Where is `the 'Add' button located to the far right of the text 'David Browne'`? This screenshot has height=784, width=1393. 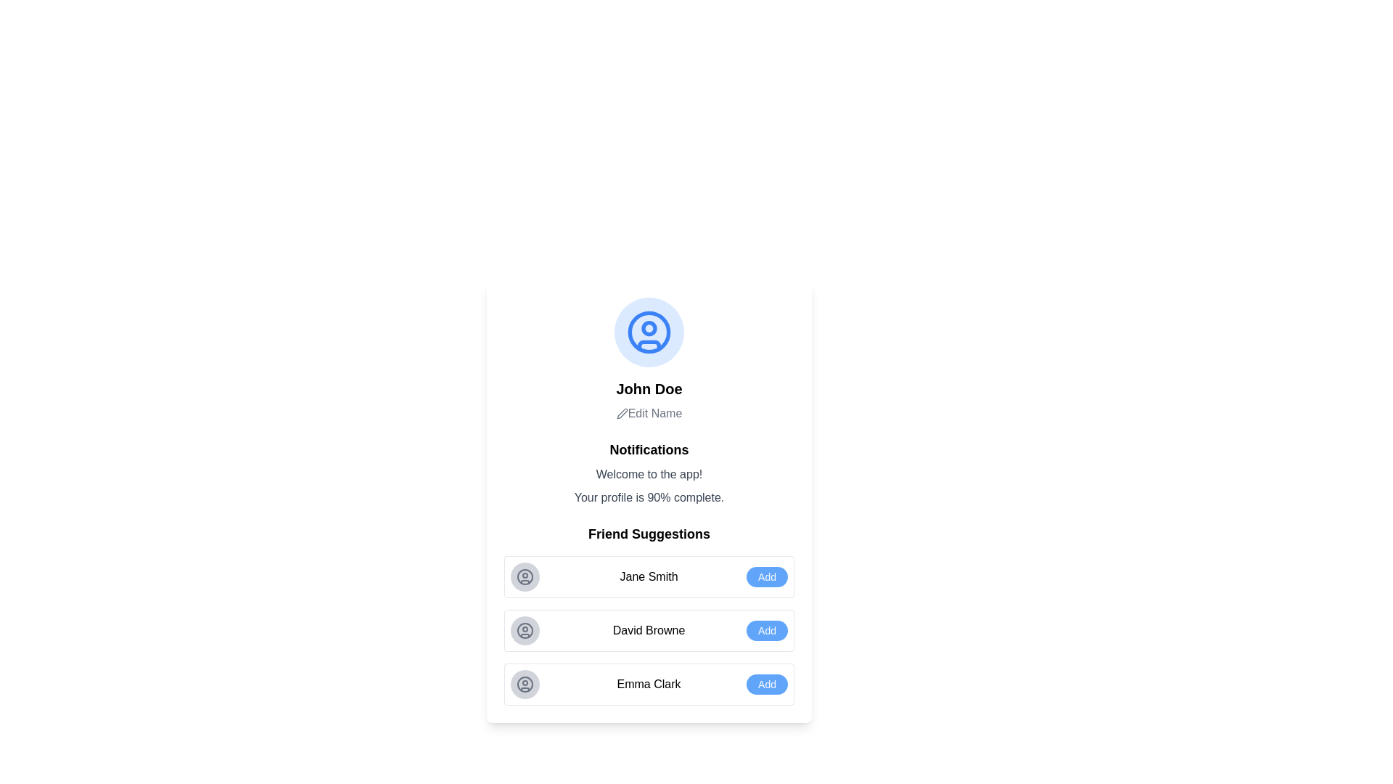 the 'Add' button located to the far right of the text 'David Browne' is located at coordinates (766, 629).